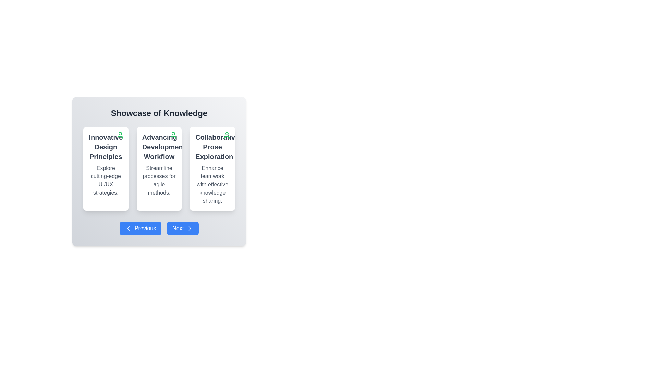 The height and width of the screenshot is (370, 658). What do you see at coordinates (159, 229) in the screenshot?
I see `the Navigation Panel buttons, which are styled with a blue background and white text` at bounding box center [159, 229].